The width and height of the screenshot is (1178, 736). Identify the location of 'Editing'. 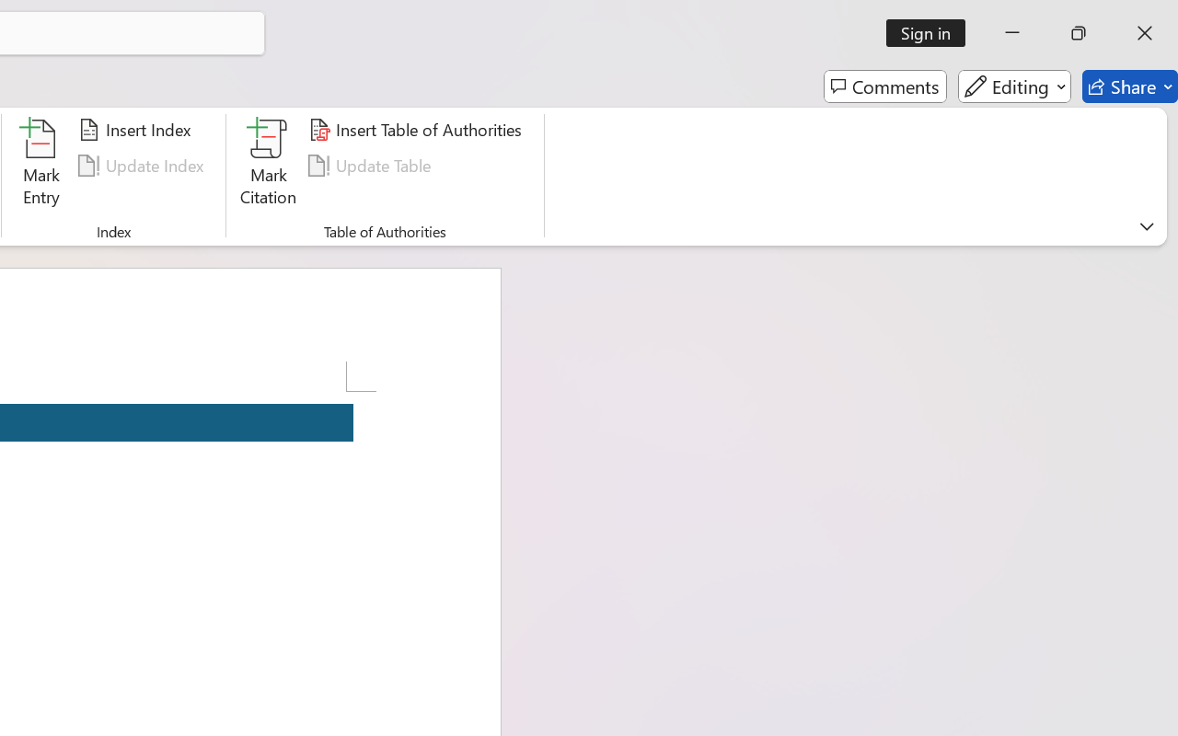
(1013, 86).